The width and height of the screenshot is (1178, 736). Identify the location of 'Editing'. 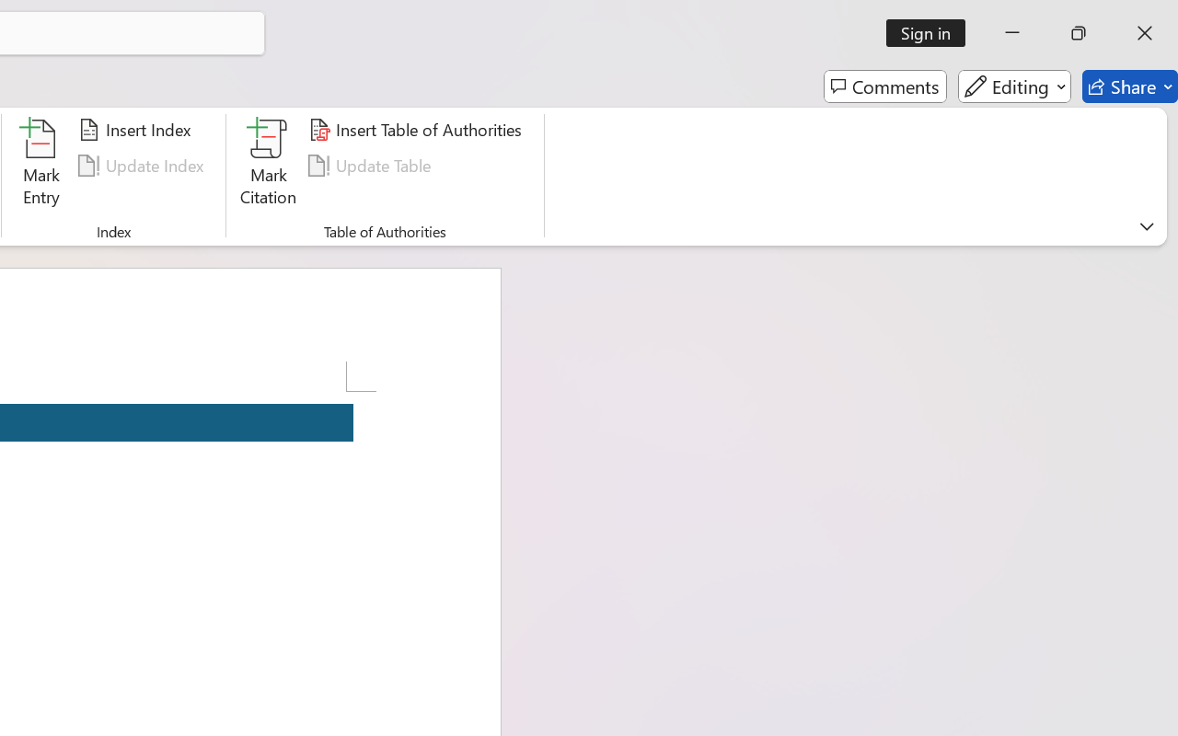
(1013, 86).